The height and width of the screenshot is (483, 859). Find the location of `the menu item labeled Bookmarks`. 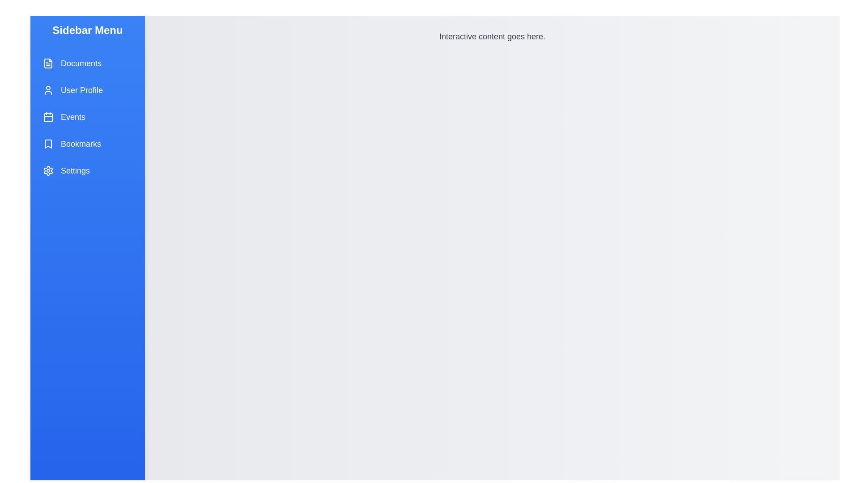

the menu item labeled Bookmarks is located at coordinates (88, 143).